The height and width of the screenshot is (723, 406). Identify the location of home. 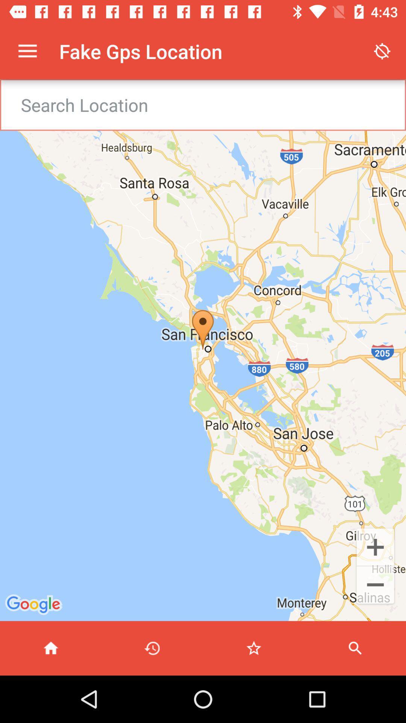
(51, 648).